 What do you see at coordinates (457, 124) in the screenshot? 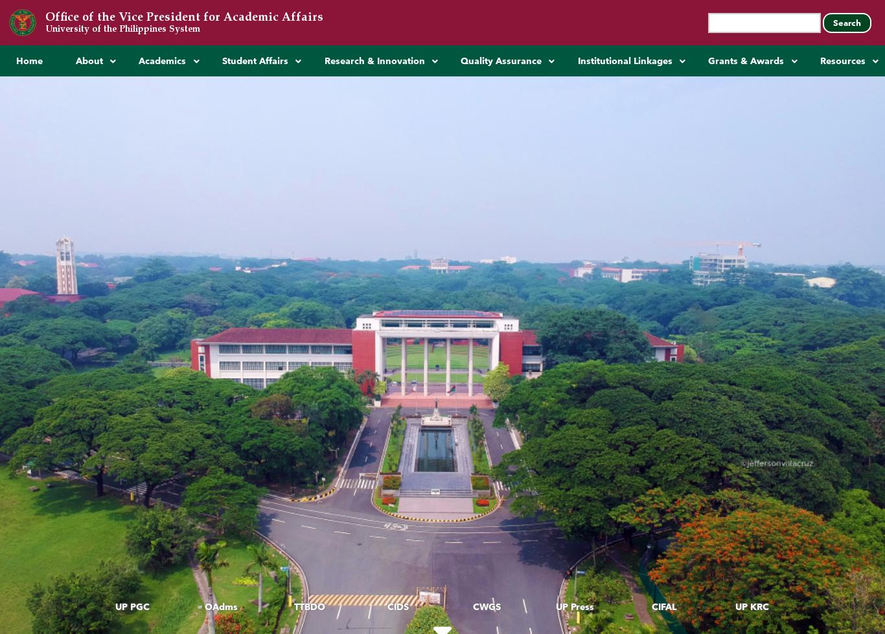
I see `'External QA'` at bounding box center [457, 124].